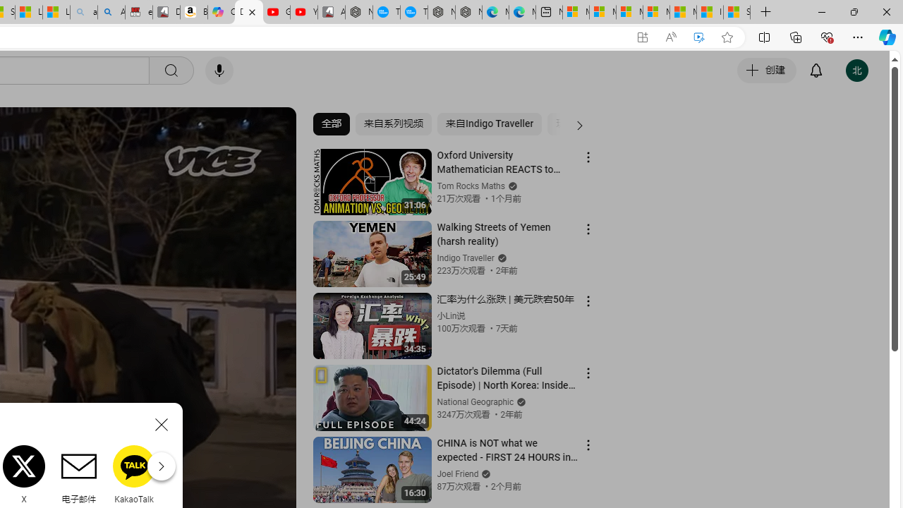 This screenshot has height=508, width=903. I want to click on 'App available. Install YouTube', so click(641, 37).